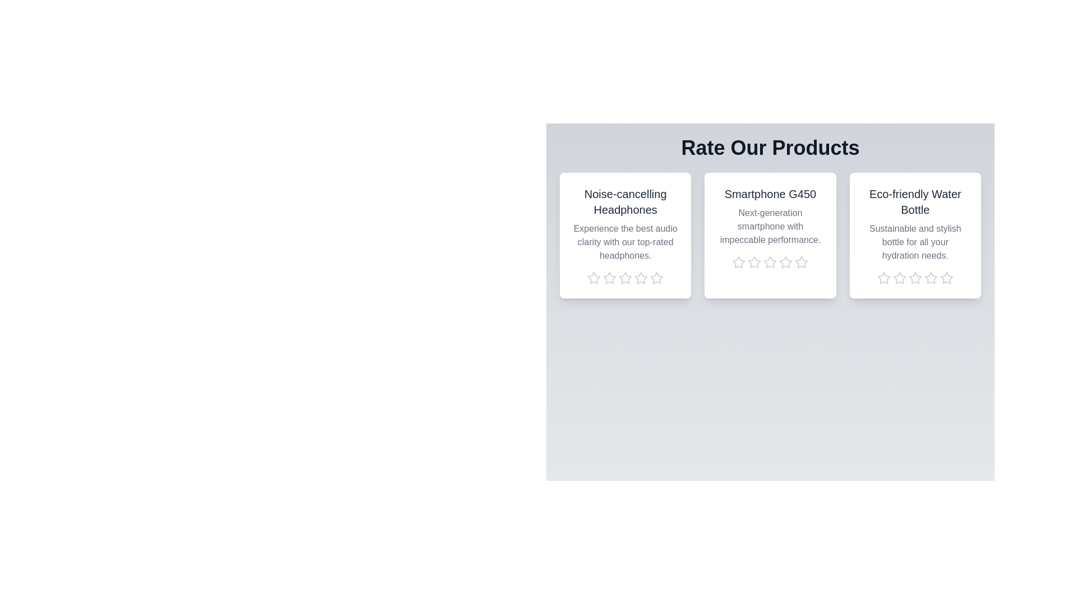  I want to click on the product card for Noise-cancelling Headphones, so click(625, 235).